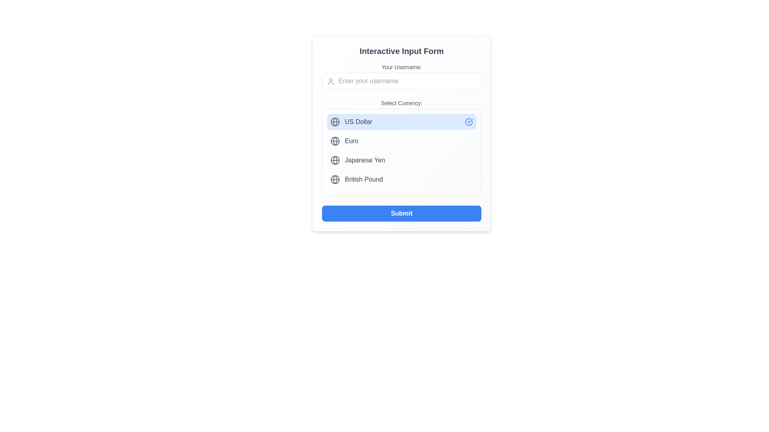  I want to click on the icon indicating the currently selected option 'US Dollar' in the dropdown menu, so click(469, 122).